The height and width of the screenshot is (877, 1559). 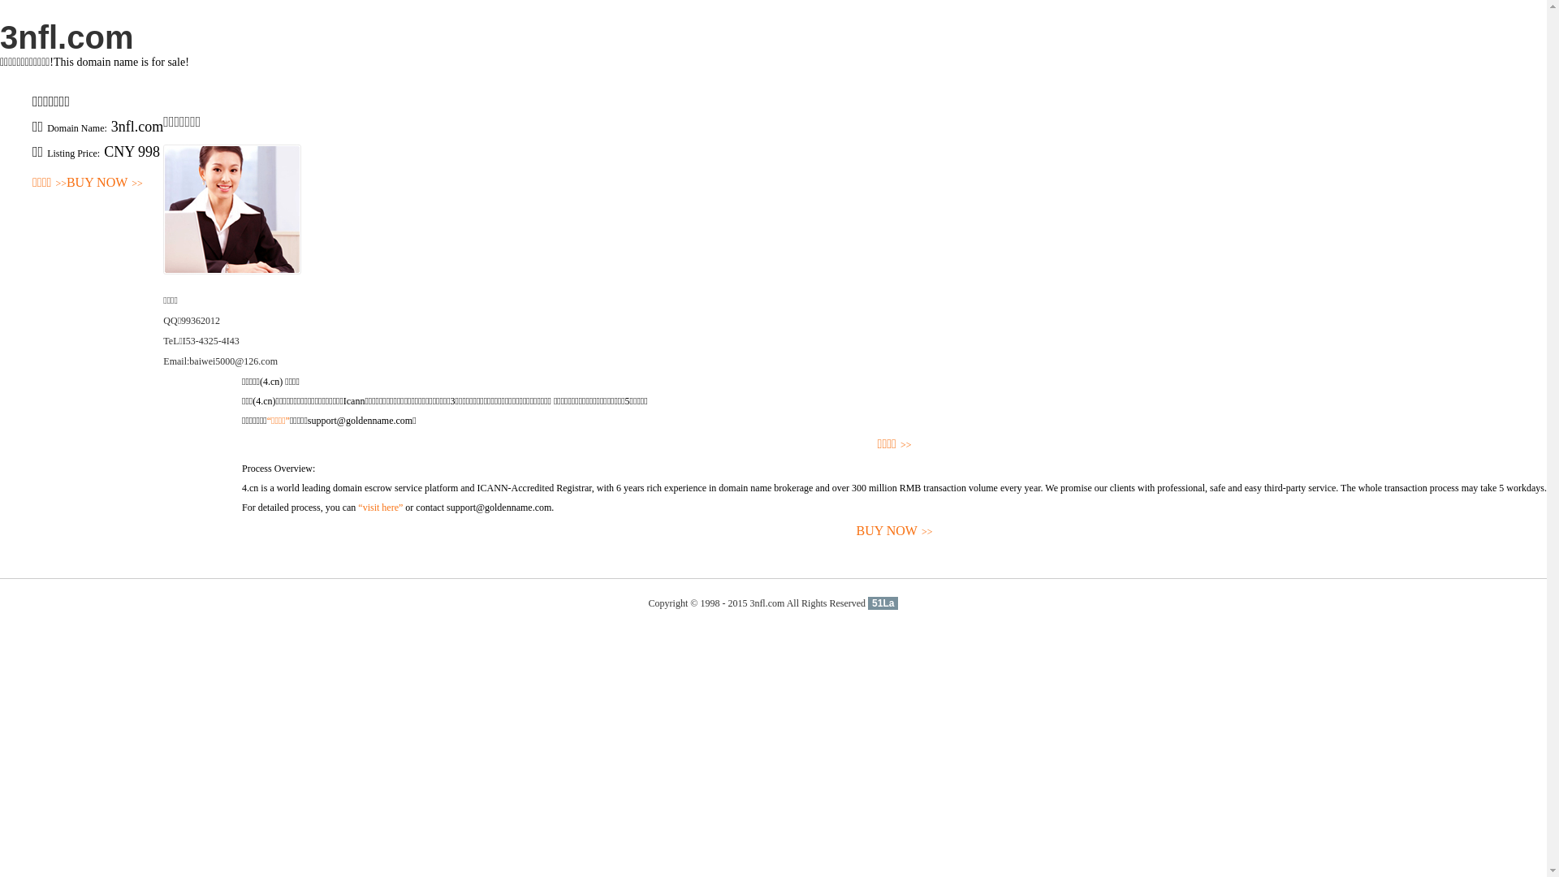 I want to click on 'BUY NOW>>', so click(x=893, y=531).